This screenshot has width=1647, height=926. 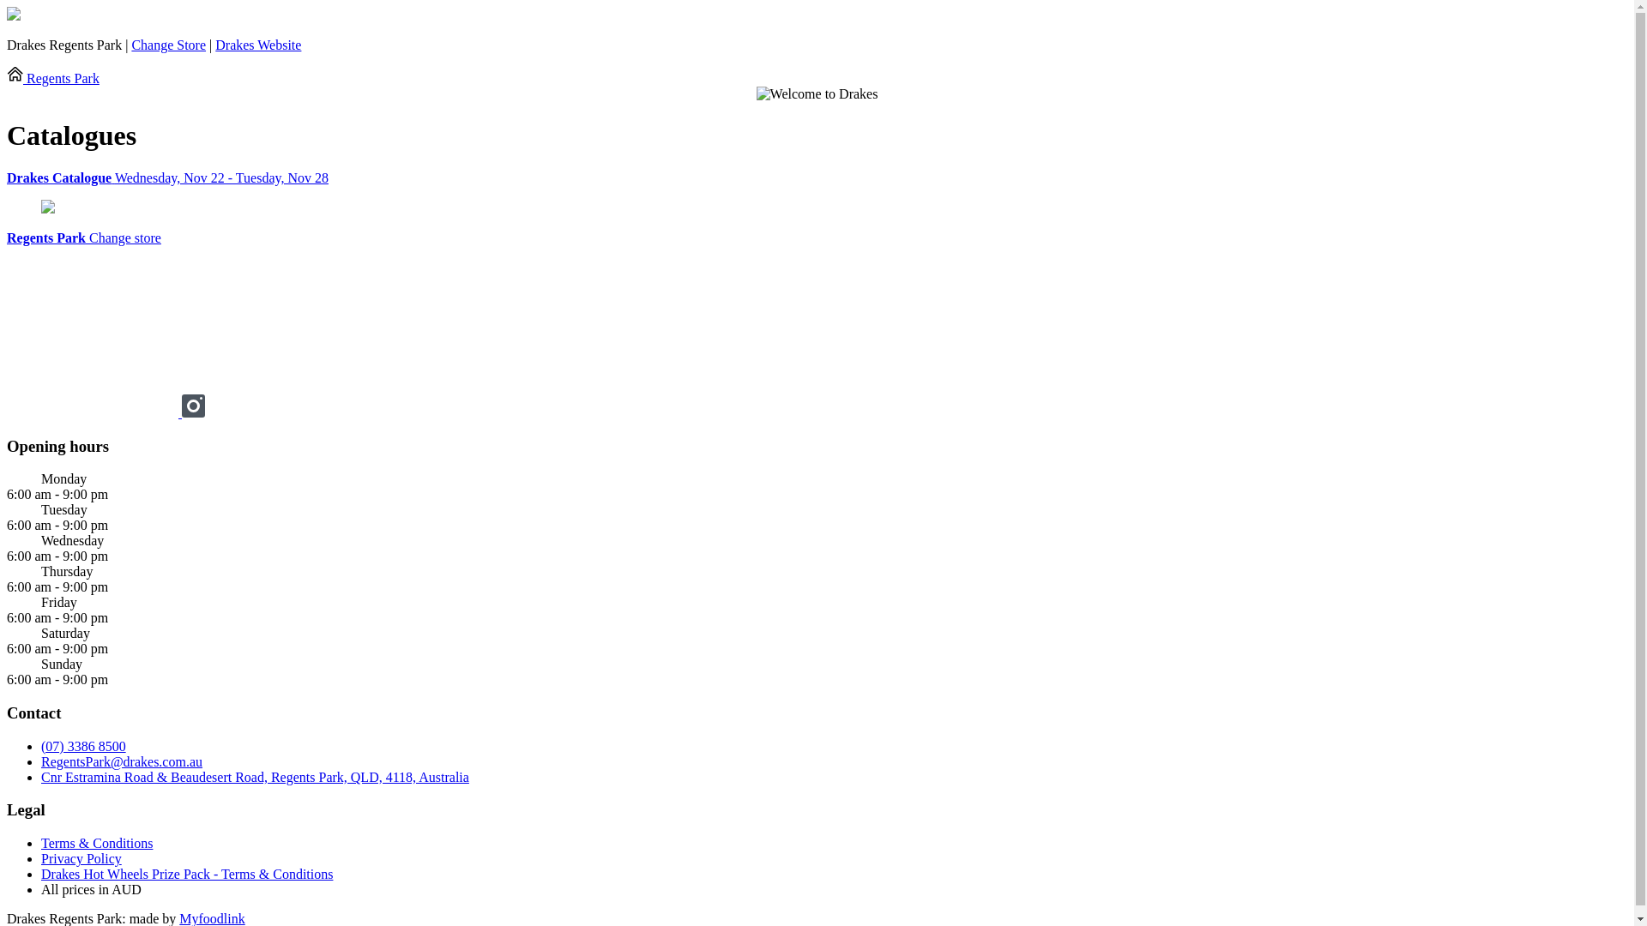 I want to click on 'Regents Park Change store', so click(x=82, y=238).